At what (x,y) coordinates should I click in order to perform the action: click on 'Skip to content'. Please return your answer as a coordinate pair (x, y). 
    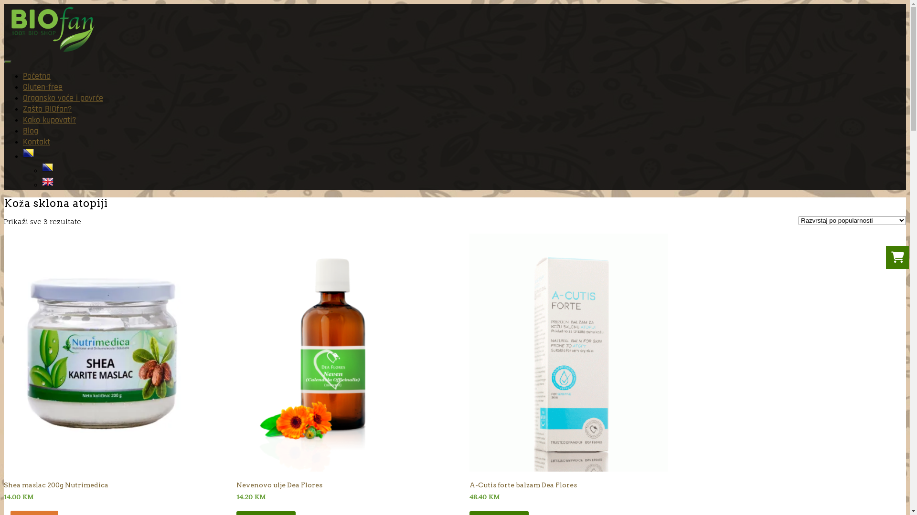
    Looking at the image, I should click on (3, 3).